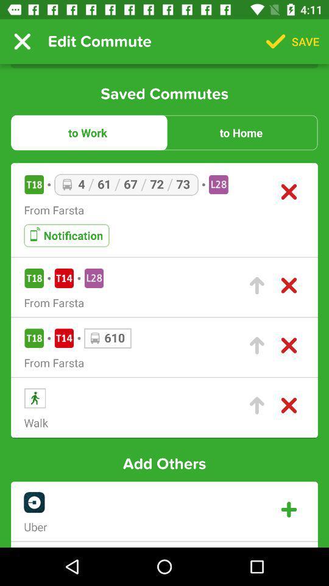 Image resolution: width=329 pixels, height=586 pixels. Describe the element at coordinates (87, 132) in the screenshot. I see `to work item` at that location.